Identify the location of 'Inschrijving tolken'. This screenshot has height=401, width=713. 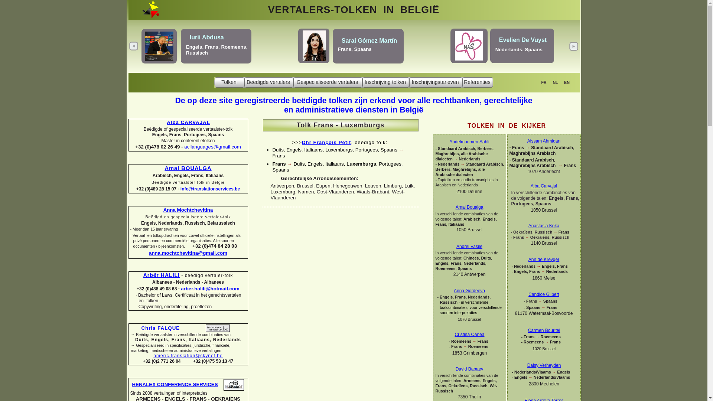
(362, 82).